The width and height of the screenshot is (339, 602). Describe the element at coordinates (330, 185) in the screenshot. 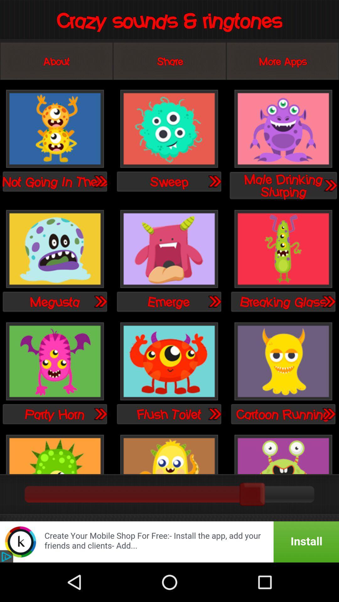

I see `scroll right` at that location.